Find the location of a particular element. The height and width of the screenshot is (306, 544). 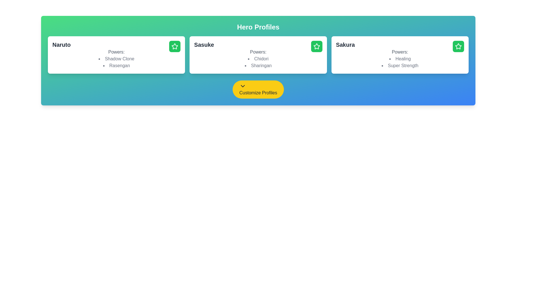

the star icon button located in the top-right corner of the 'Sakura' card is located at coordinates (458, 46).